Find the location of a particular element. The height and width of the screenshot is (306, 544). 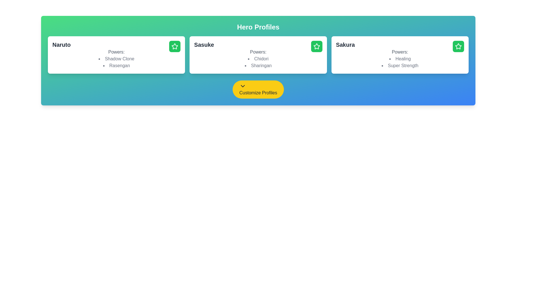

the star icon button located in the top-right corner of the 'Sakura' card is located at coordinates (458, 46).